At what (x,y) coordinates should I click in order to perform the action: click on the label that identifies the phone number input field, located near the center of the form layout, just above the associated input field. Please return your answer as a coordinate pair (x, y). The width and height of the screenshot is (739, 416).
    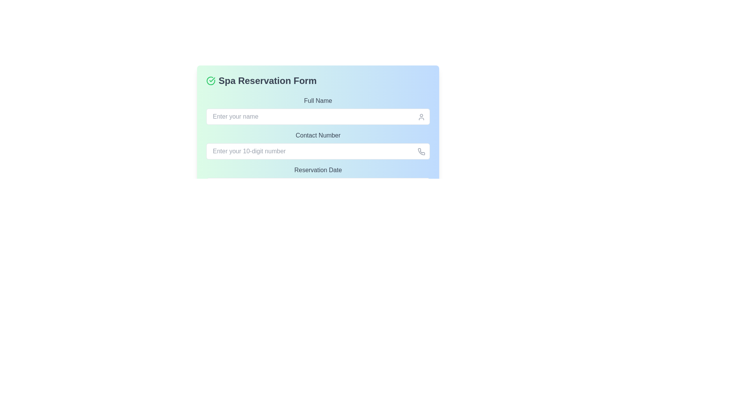
    Looking at the image, I should click on (318, 135).